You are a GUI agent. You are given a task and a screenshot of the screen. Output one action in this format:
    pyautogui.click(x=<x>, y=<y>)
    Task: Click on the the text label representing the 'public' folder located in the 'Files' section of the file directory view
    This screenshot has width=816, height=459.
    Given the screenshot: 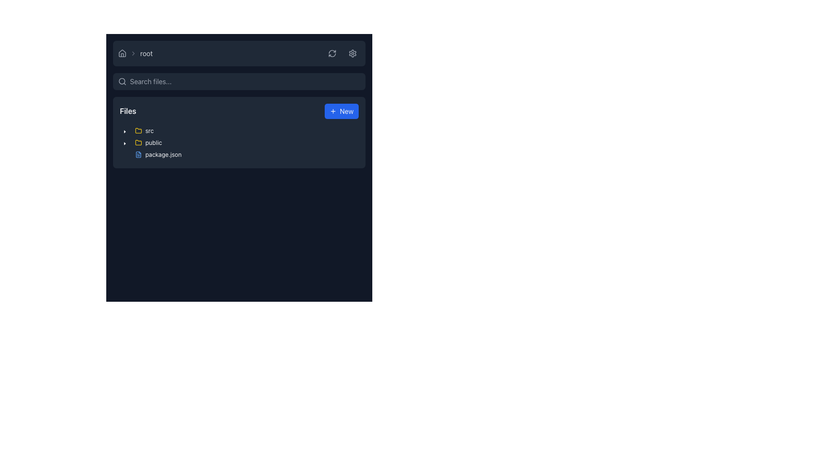 What is the action you would take?
    pyautogui.click(x=153, y=142)
    